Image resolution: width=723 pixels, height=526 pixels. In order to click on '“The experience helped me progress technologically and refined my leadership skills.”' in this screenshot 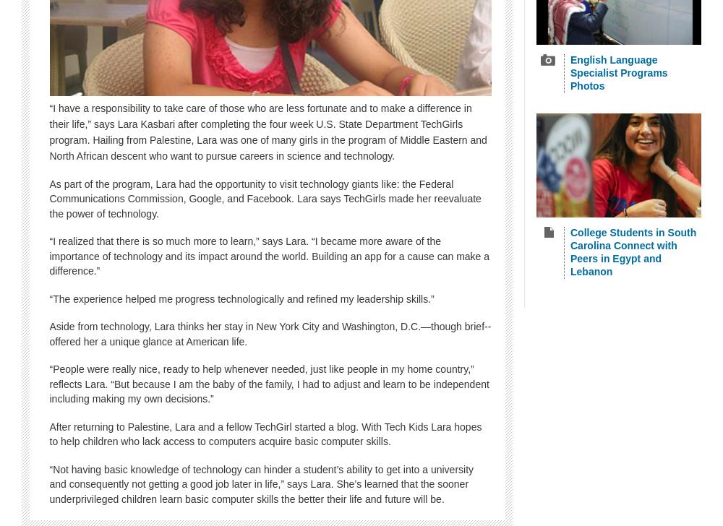, I will do `click(241, 298)`.